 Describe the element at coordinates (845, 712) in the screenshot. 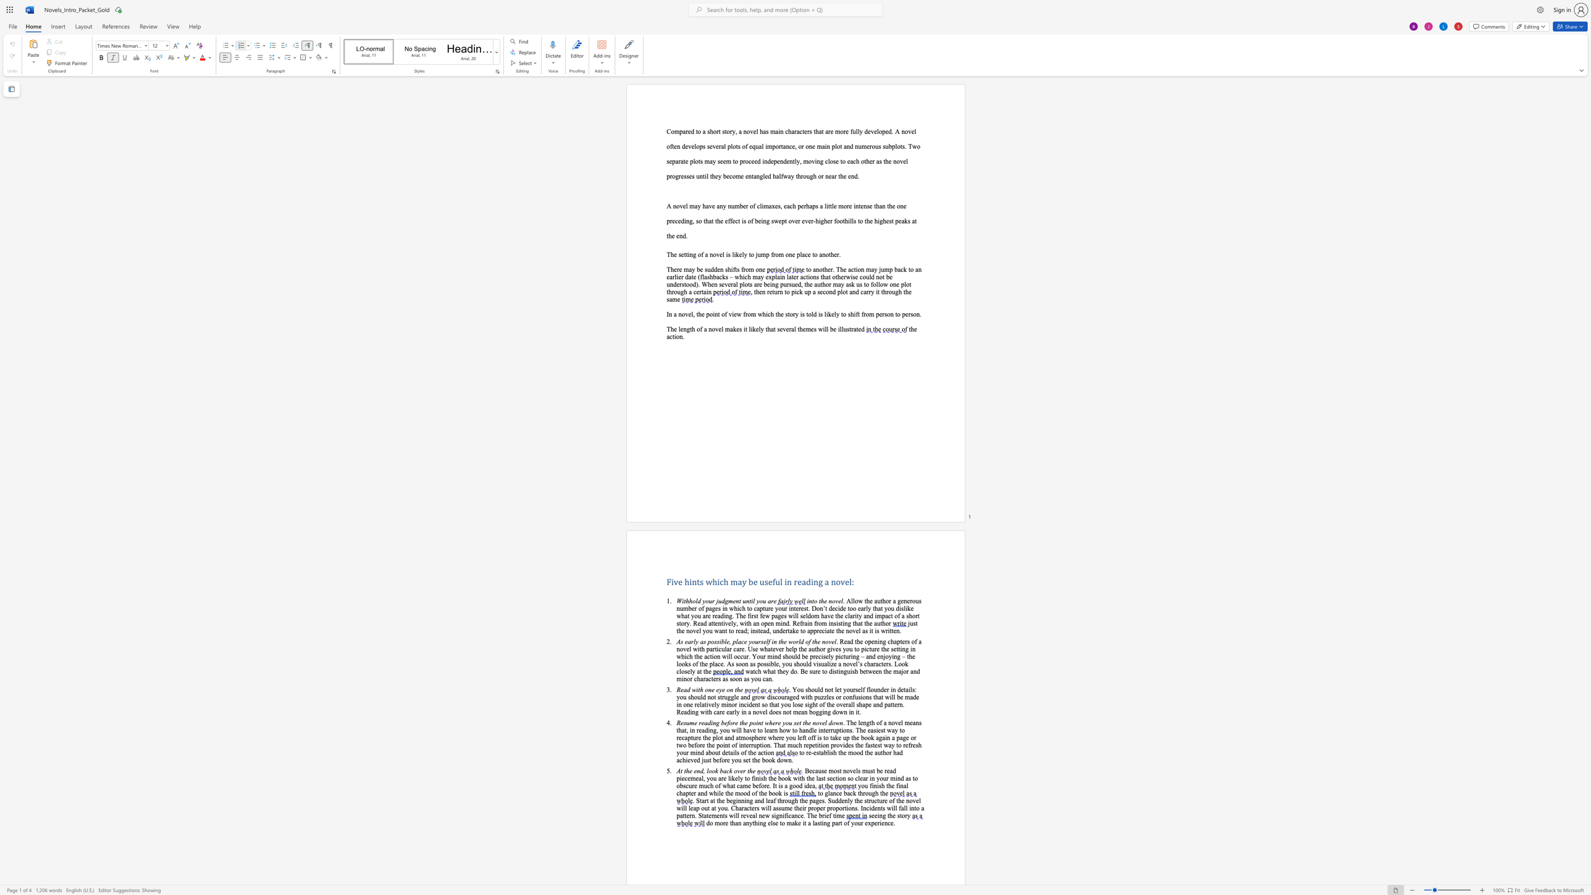

I see `the 11th character "n" in the text` at that location.